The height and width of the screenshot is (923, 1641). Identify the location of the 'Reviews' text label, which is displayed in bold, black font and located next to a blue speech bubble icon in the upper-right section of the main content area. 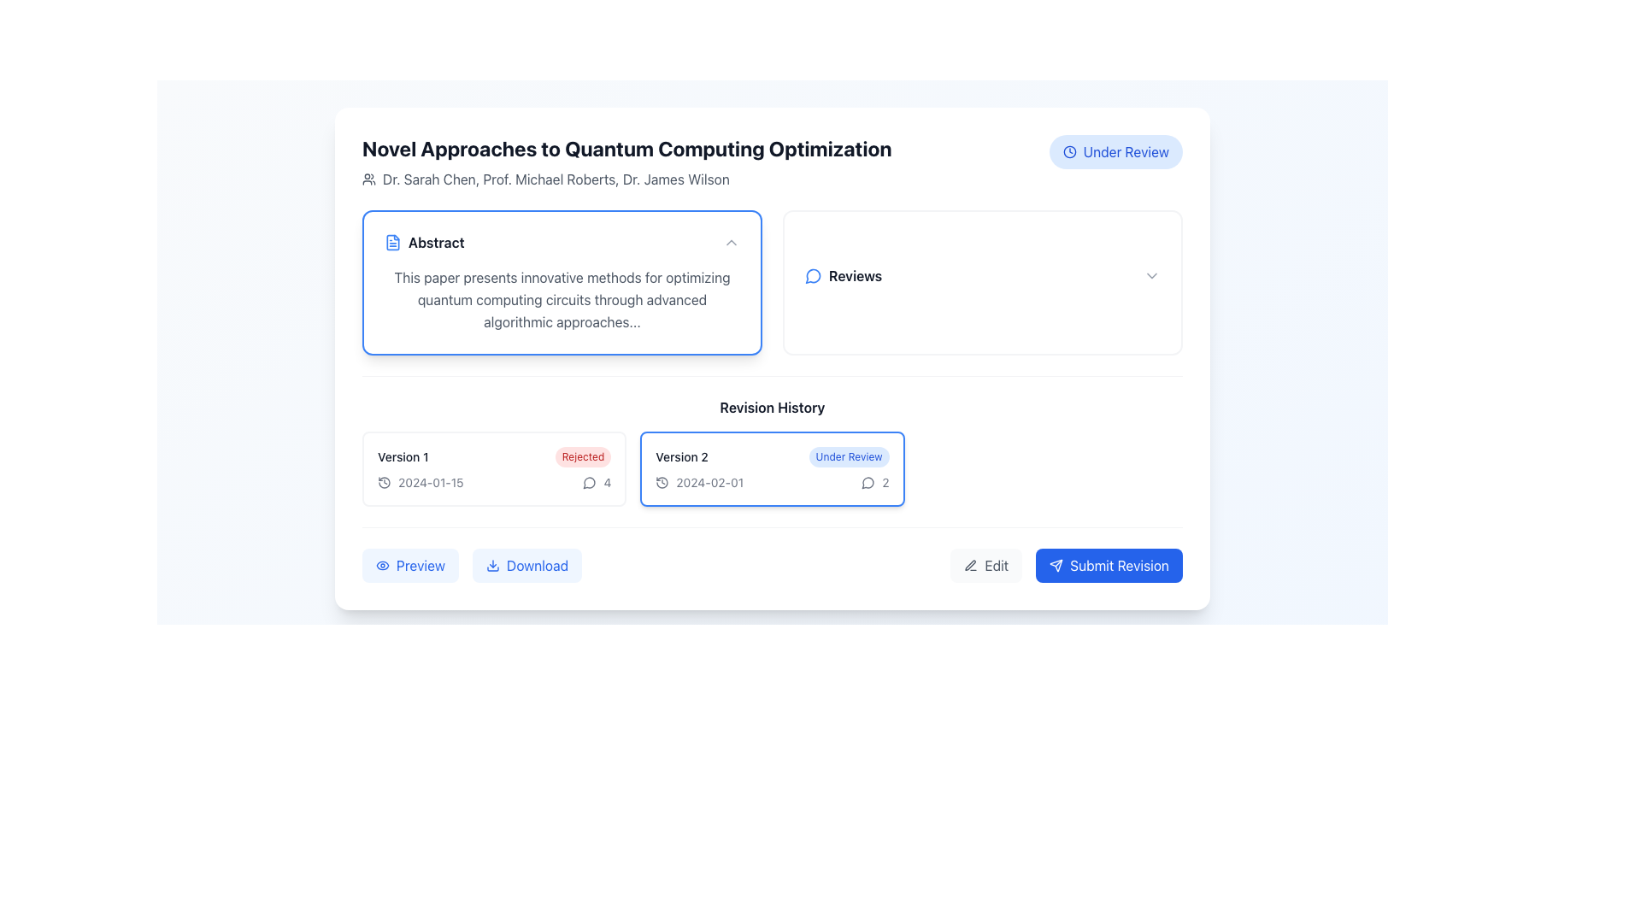
(856, 275).